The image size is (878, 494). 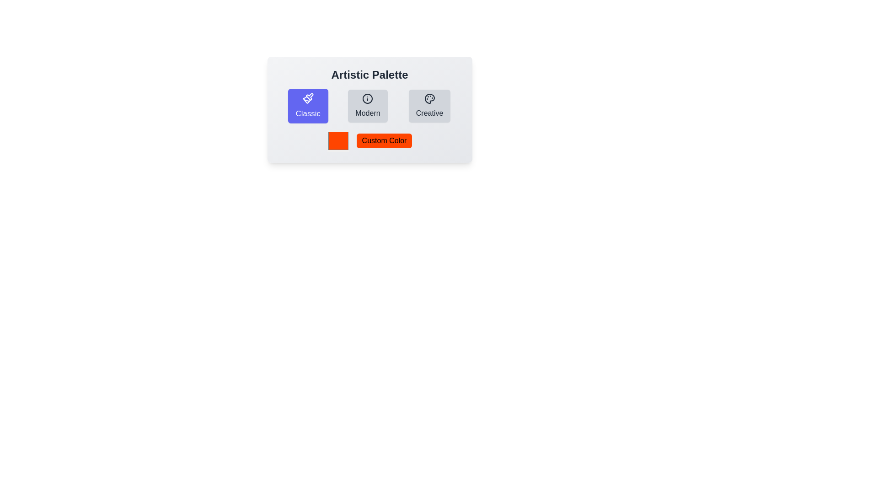 I want to click on the palette option Creative, so click(x=429, y=105).